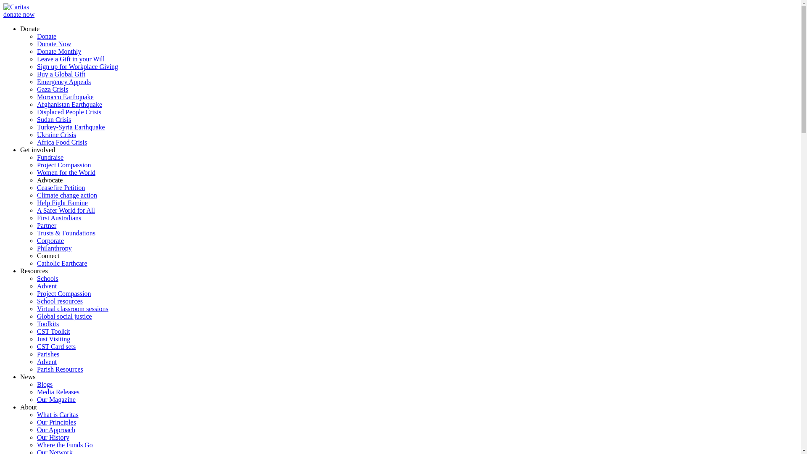 The image size is (807, 454). What do you see at coordinates (36, 119) in the screenshot?
I see `'Sudan Crisis'` at bounding box center [36, 119].